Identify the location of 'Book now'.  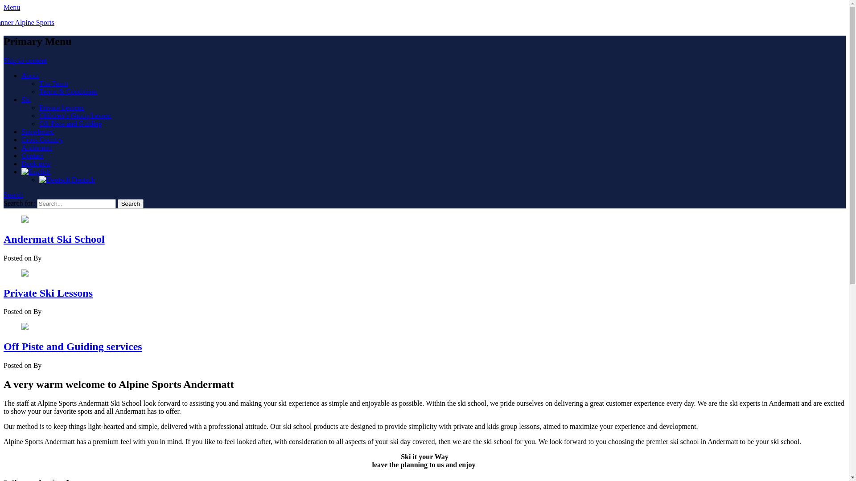
(21, 163).